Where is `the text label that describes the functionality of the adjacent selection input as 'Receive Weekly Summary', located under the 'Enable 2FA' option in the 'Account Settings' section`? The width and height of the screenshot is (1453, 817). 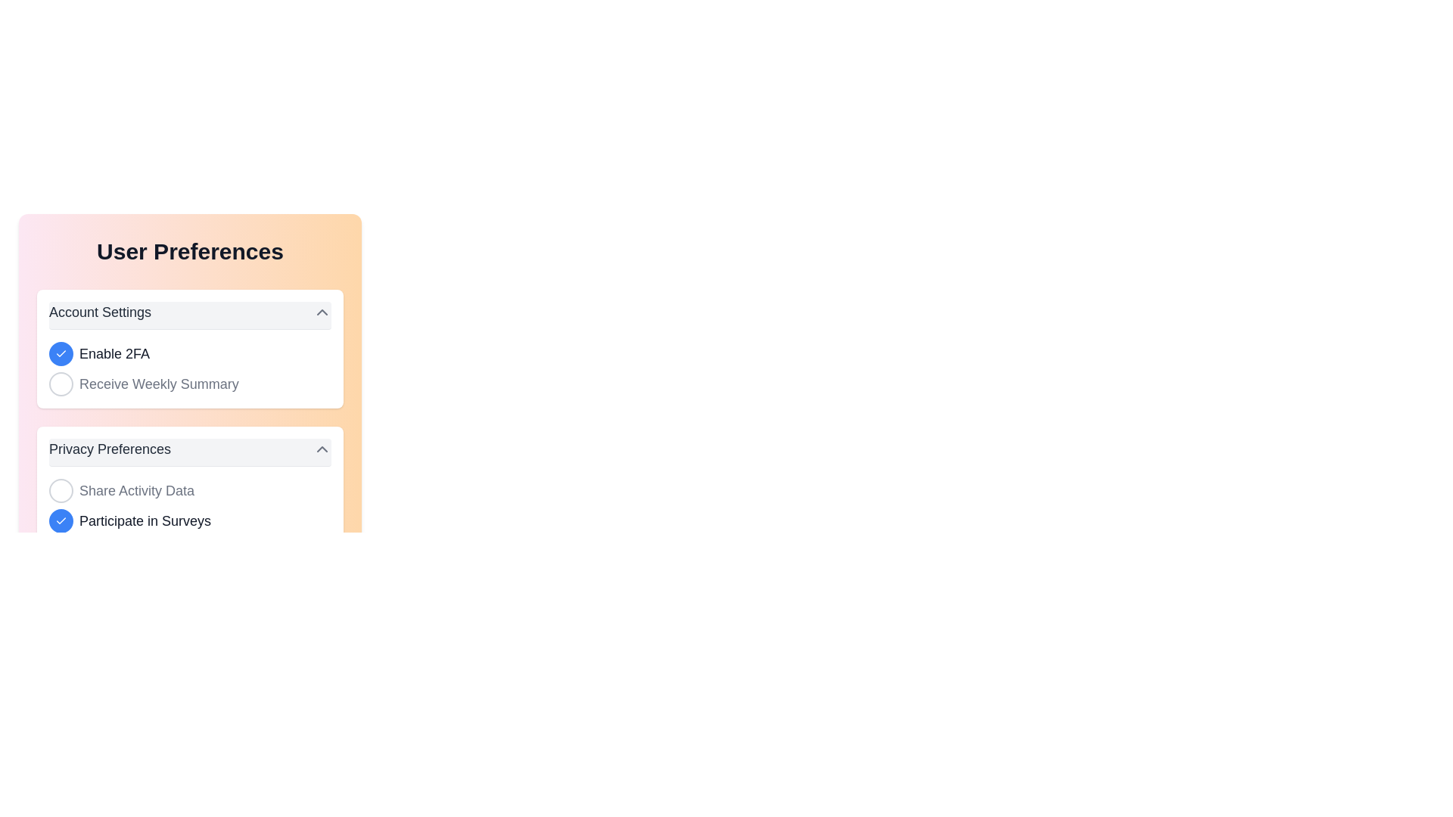
the text label that describes the functionality of the adjacent selection input as 'Receive Weekly Summary', located under the 'Enable 2FA' option in the 'Account Settings' section is located at coordinates (159, 384).